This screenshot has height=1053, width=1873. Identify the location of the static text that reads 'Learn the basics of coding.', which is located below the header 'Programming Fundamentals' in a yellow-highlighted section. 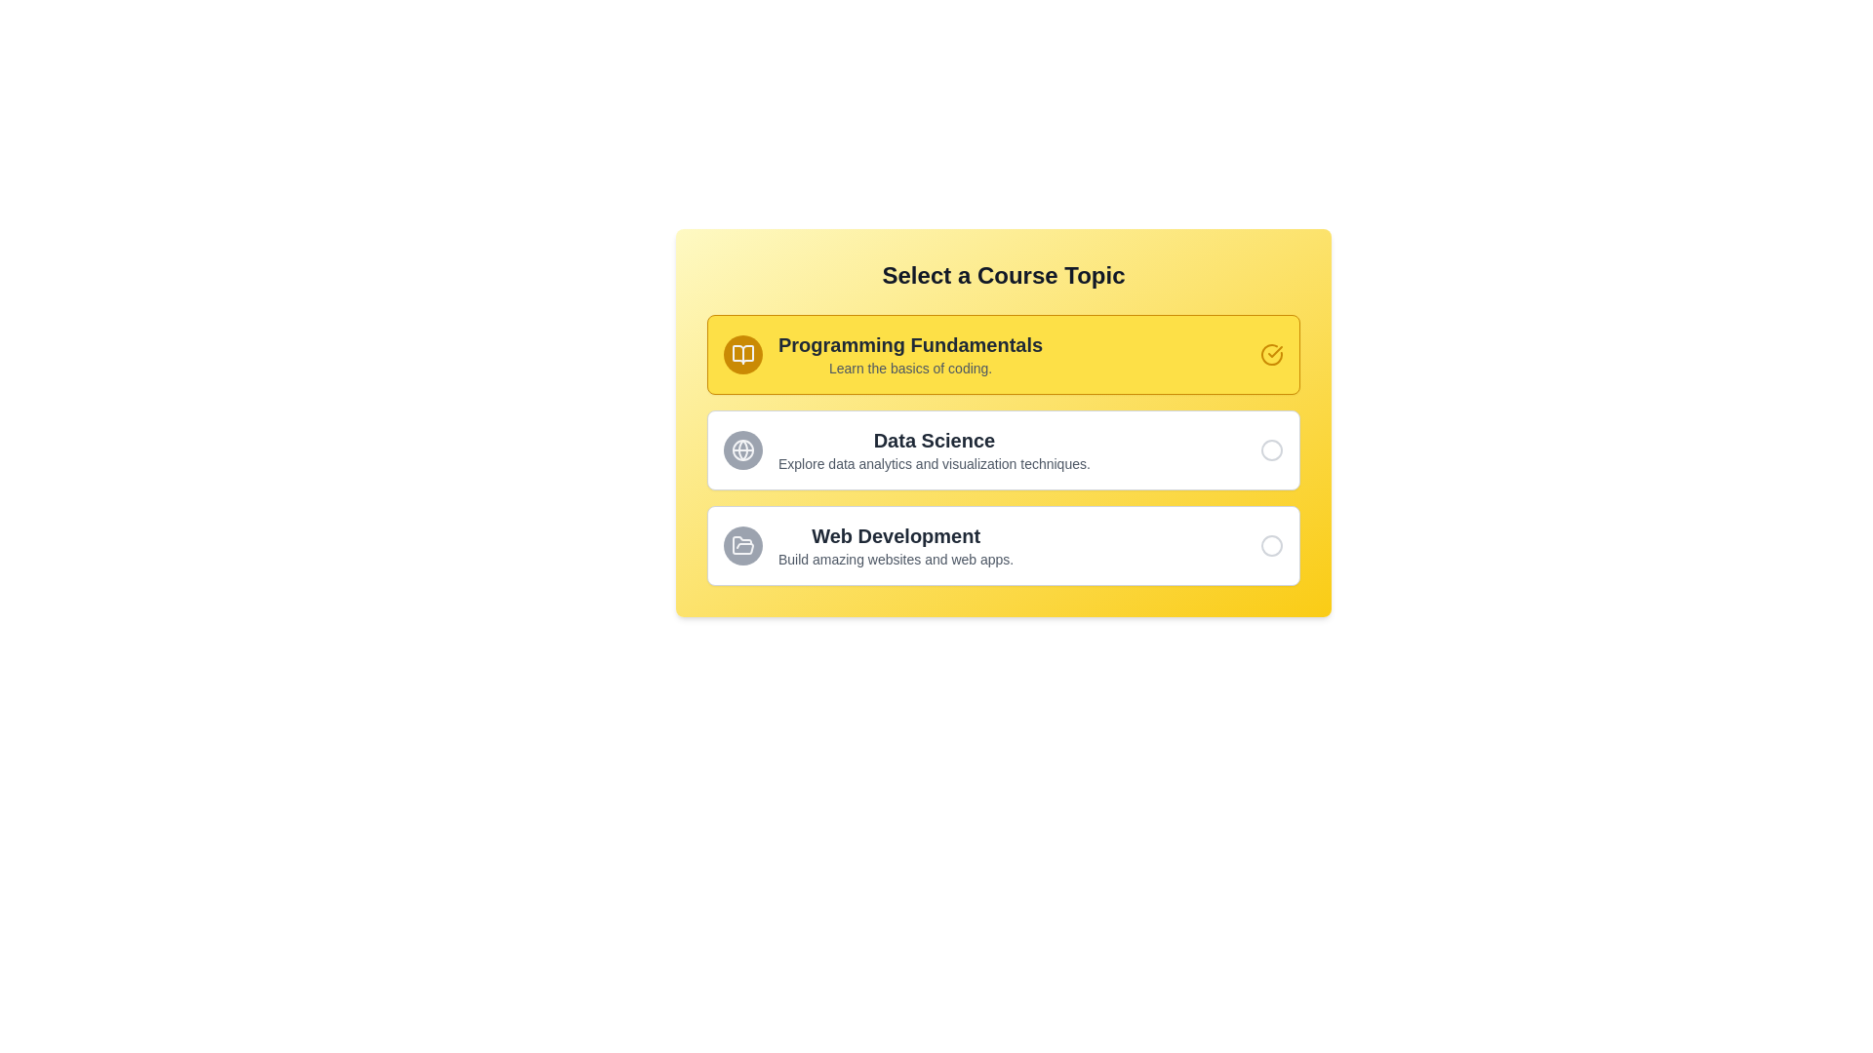
(909, 369).